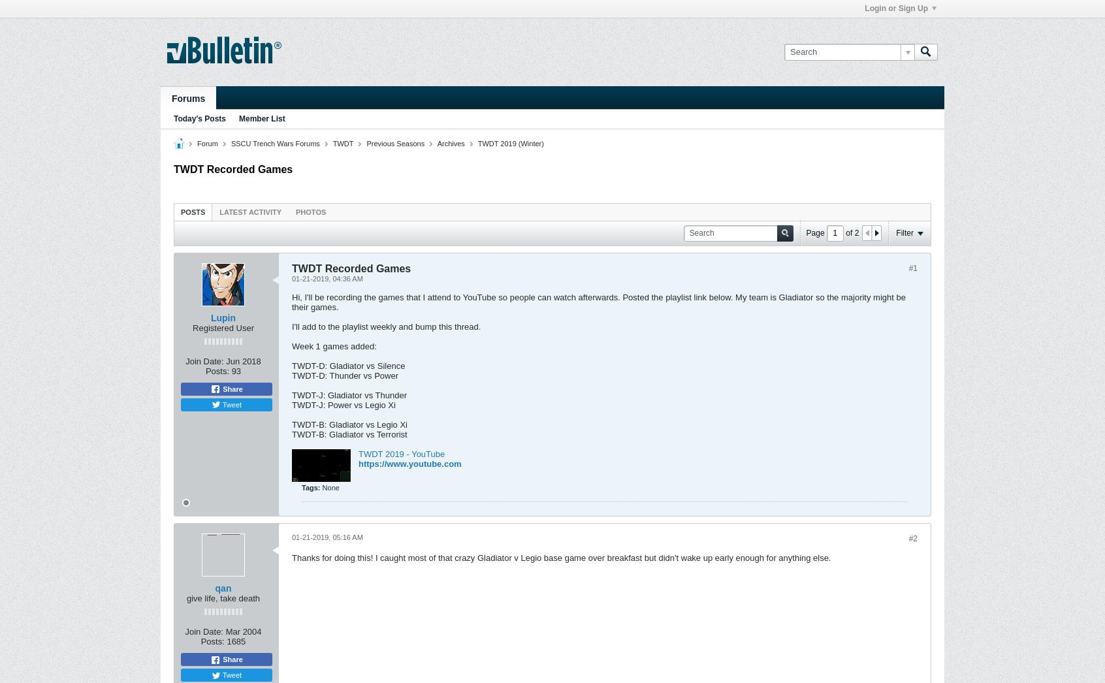 This screenshot has height=683, width=1105. I want to click on 'TWDT 2019 - YouTube', so click(359, 453).